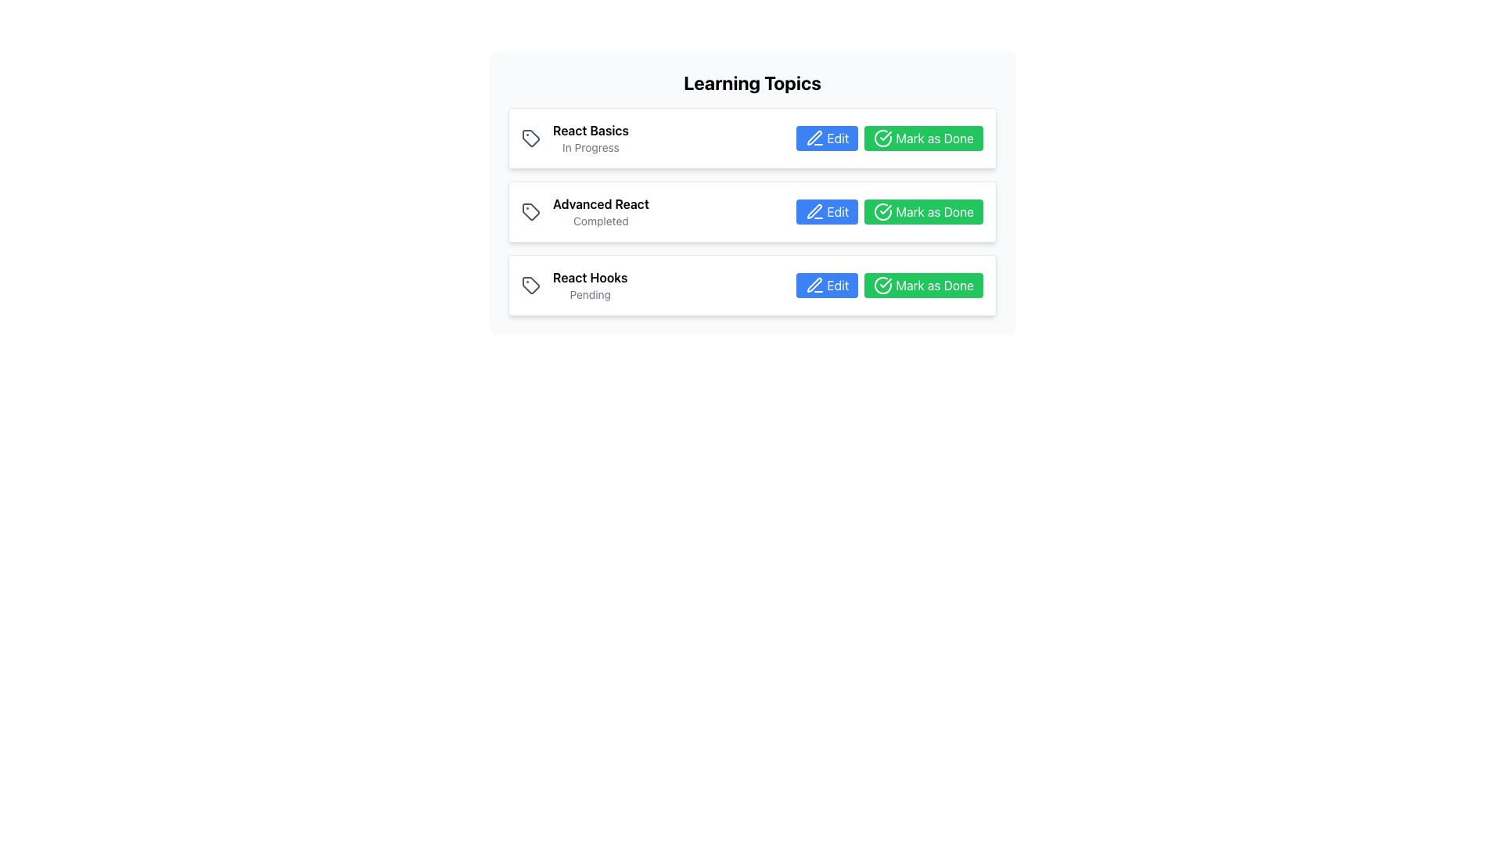  What do you see at coordinates (889, 211) in the screenshot?
I see `the blue 'Edit' button located on the right side of the 'Advanced React' topic row` at bounding box center [889, 211].